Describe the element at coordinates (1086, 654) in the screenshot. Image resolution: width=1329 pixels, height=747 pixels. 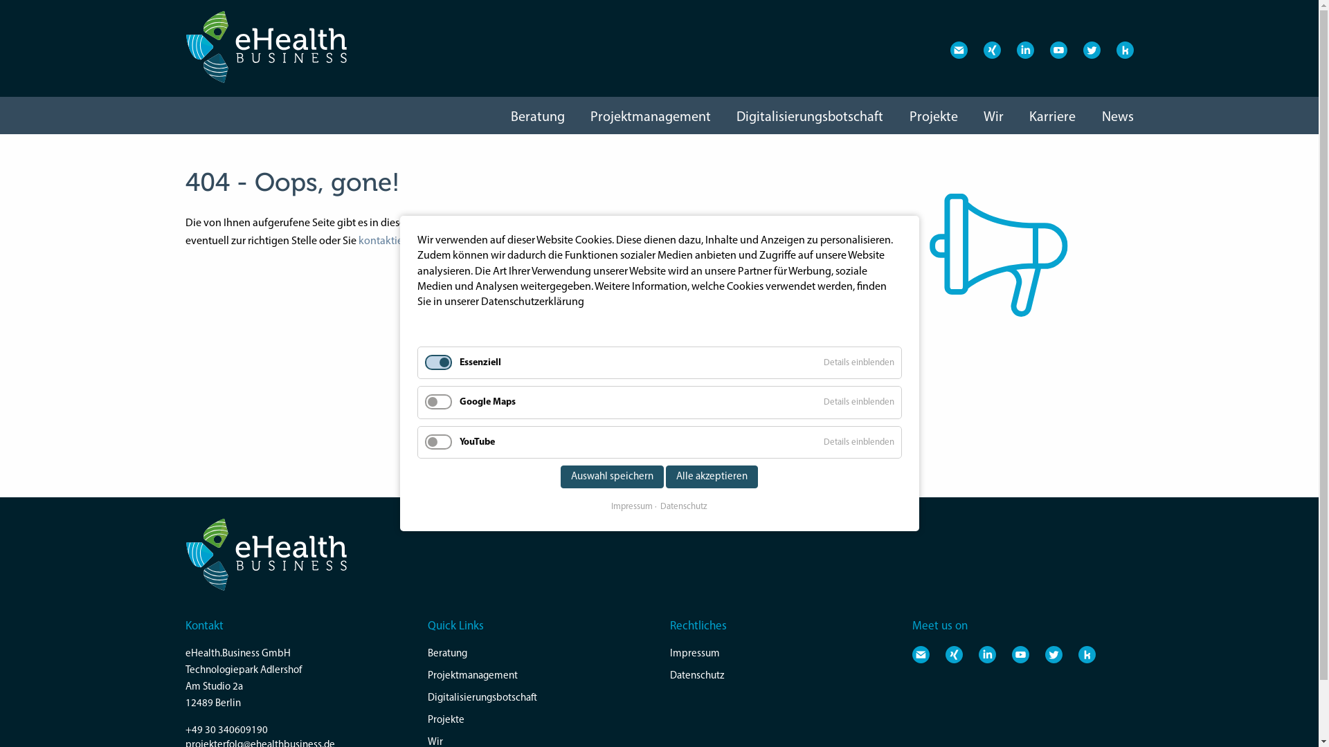
I see `'Besuchen Sie uns auf Kununu'` at that location.